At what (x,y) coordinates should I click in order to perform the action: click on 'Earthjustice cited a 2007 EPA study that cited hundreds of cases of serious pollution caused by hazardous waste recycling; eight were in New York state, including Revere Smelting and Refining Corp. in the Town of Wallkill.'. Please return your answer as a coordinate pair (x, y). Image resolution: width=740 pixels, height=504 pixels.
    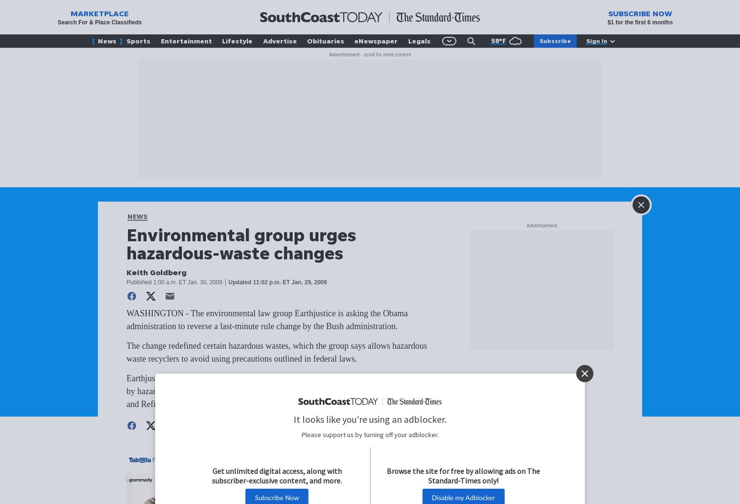
    Looking at the image, I should click on (284, 390).